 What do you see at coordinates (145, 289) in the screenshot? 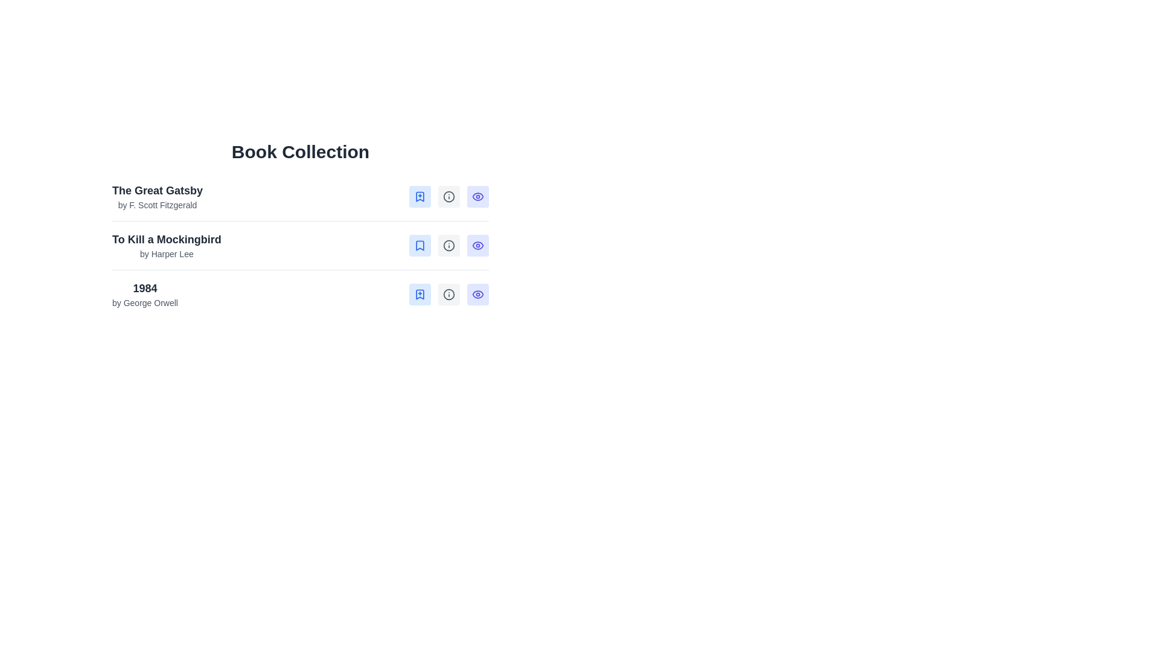
I see `text label displaying the title '1984', which is styled in bold and larger font size, located in the bottom segment of the 'Book Collection' section above the text 'by George Orwell'` at bounding box center [145, 289].